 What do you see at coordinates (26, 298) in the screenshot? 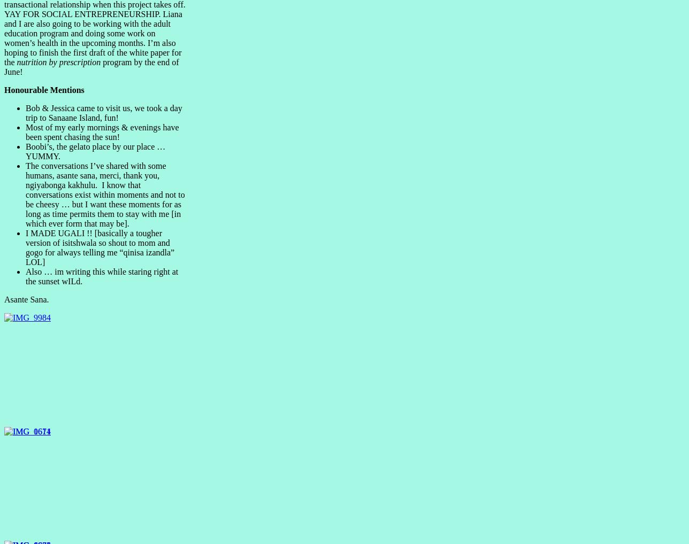
I see `'Asante Sana.'` at bounding box center [26, 298].